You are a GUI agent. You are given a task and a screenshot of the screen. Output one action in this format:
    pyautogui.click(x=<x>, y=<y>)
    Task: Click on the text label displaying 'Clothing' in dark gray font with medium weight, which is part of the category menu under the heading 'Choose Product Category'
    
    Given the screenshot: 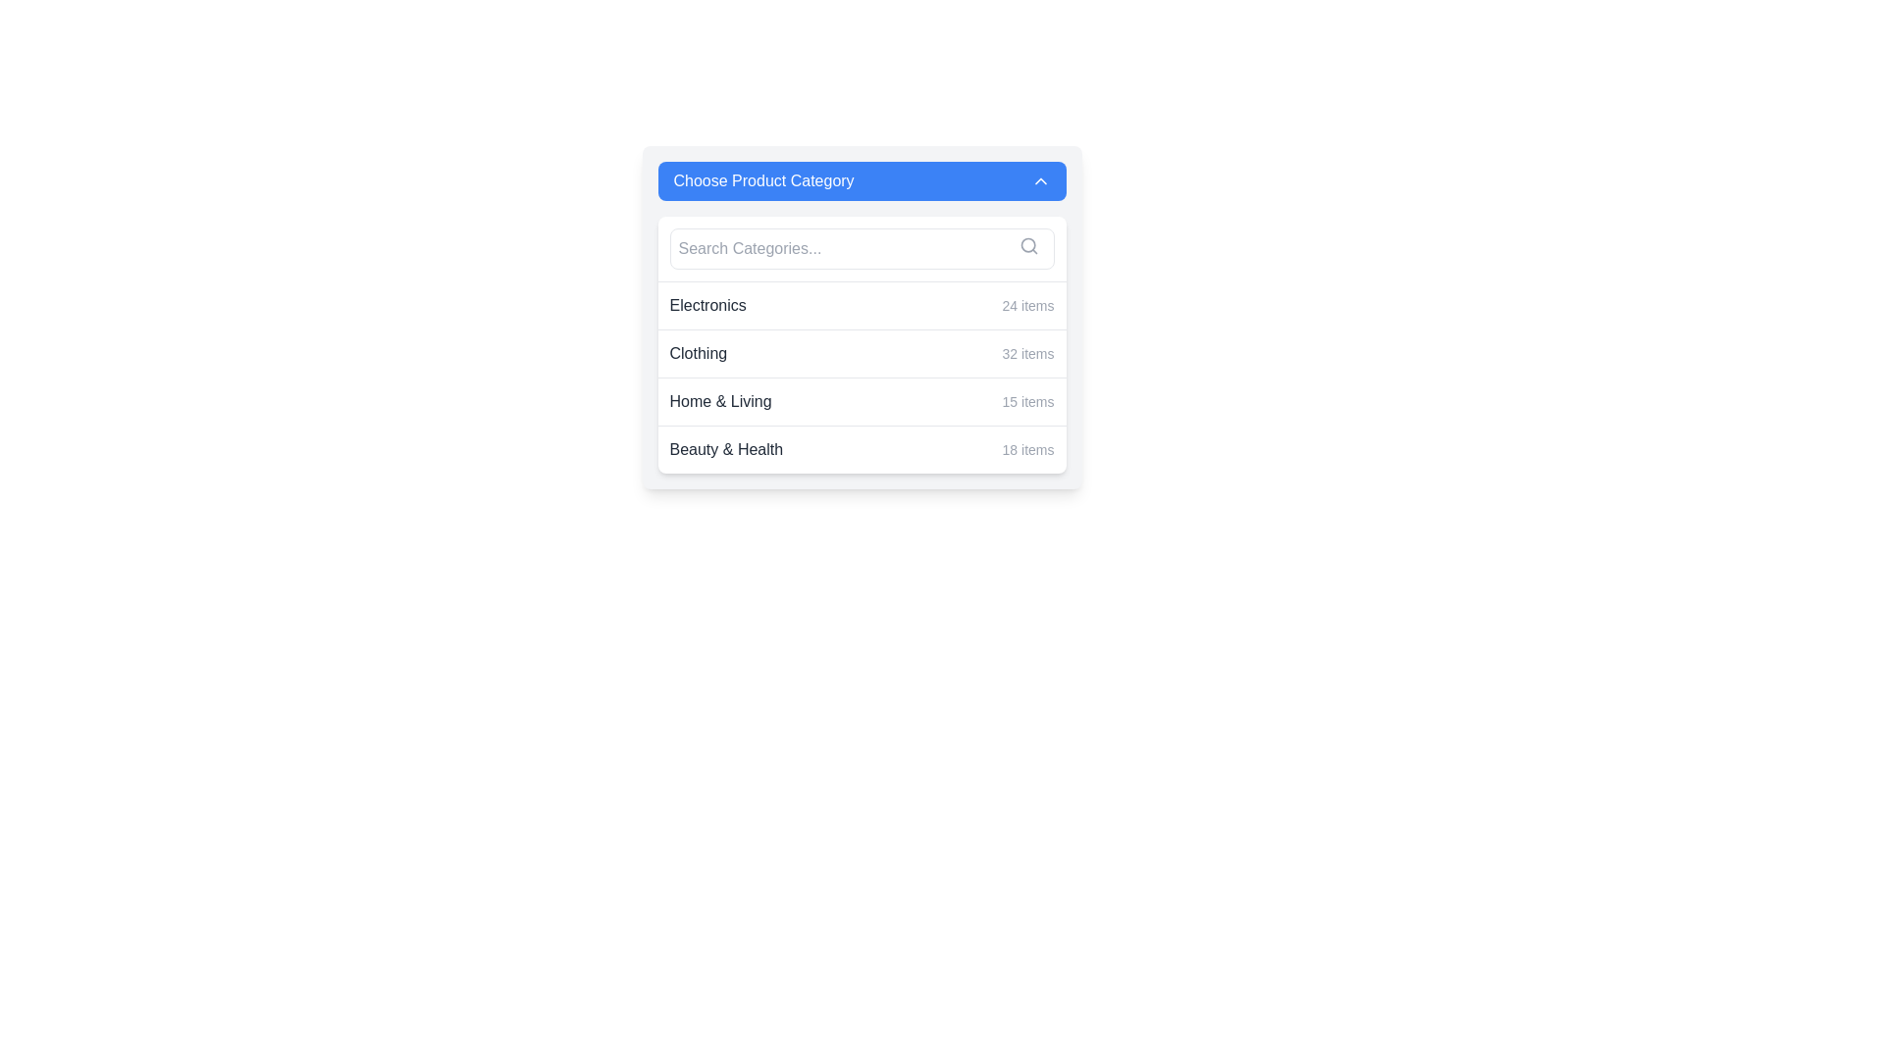 What is the action you would take?
    pyautogui.click(x=698, y=354)
    